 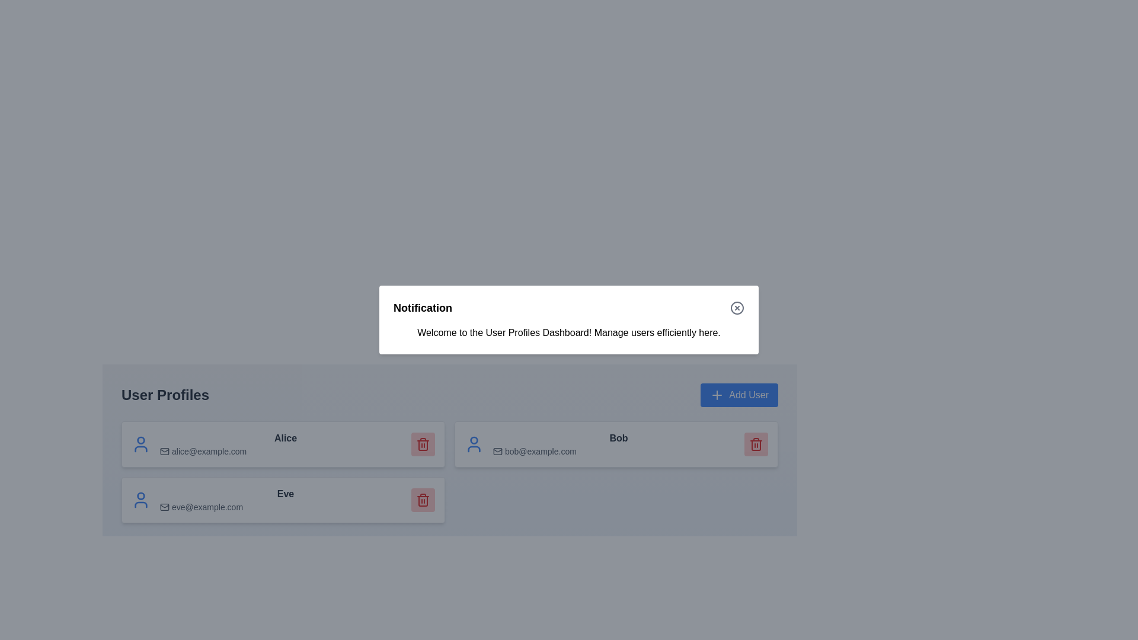 I want to click on the static text label displaying the user's name 'Alice', which is located on the leftmost user profile card in the 'User Profiles' section, above the email address 'alice@example.com', so click(x=285, y=439).